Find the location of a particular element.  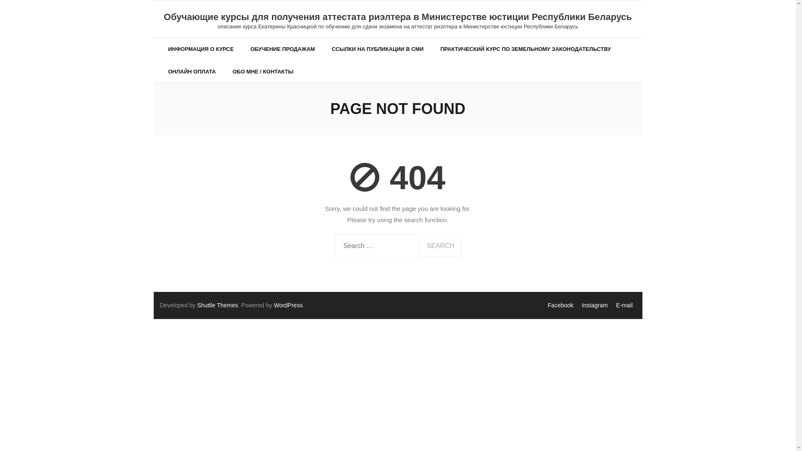

'Search' is located at coordinates (440, 246).